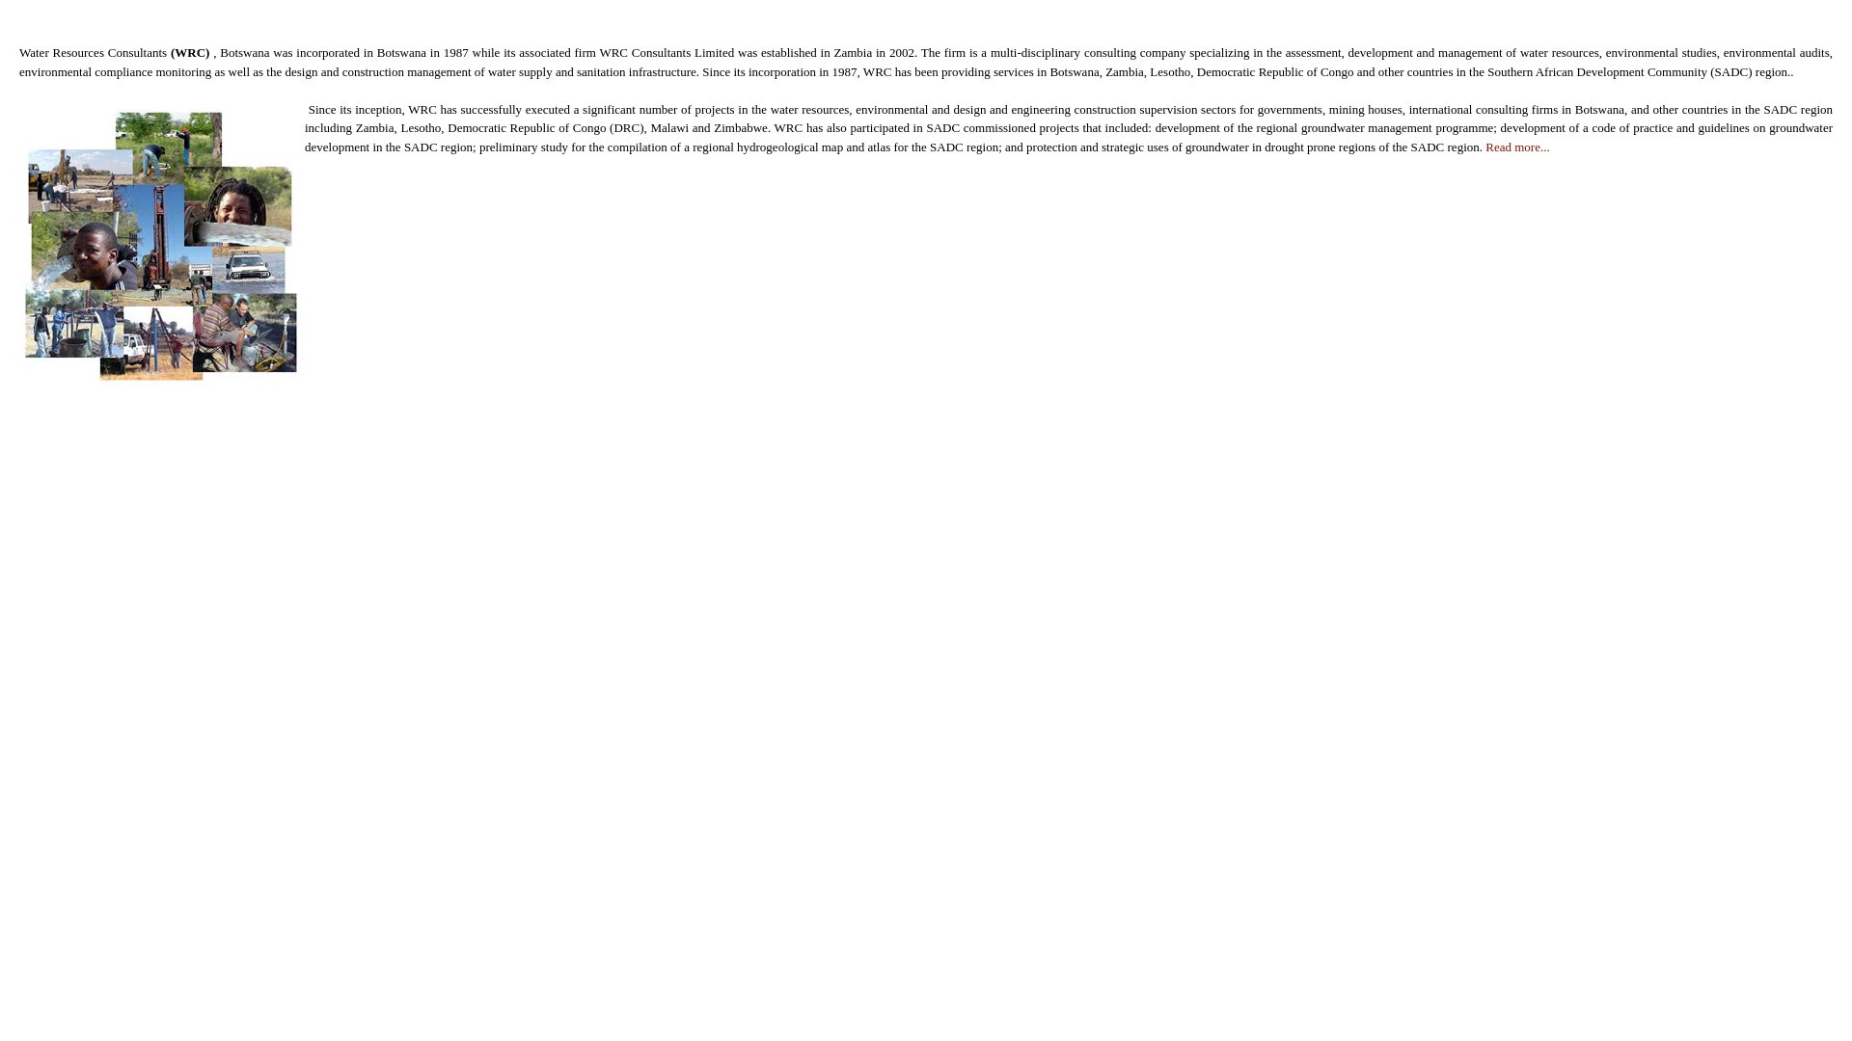  What do you see at coordinates (1484, 145) in the screenshot?
I see `'Read more...'` at bounding box center [1484, 145].